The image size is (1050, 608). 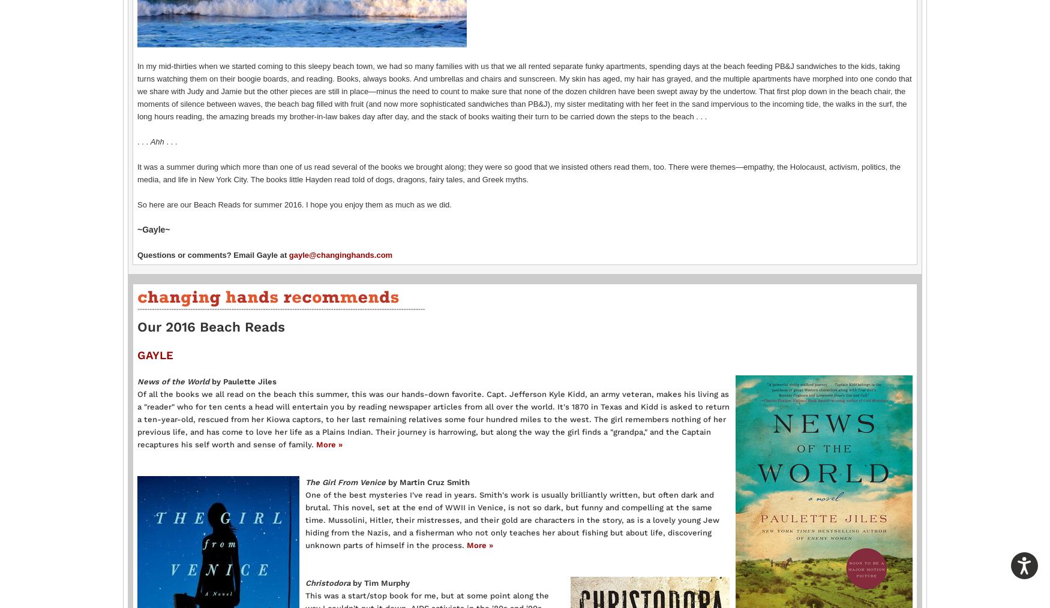 What do you see at coordinates (353, 582) in the screenshot?
I see `'by Tim Murphy'` at bounding box center [353, 582].